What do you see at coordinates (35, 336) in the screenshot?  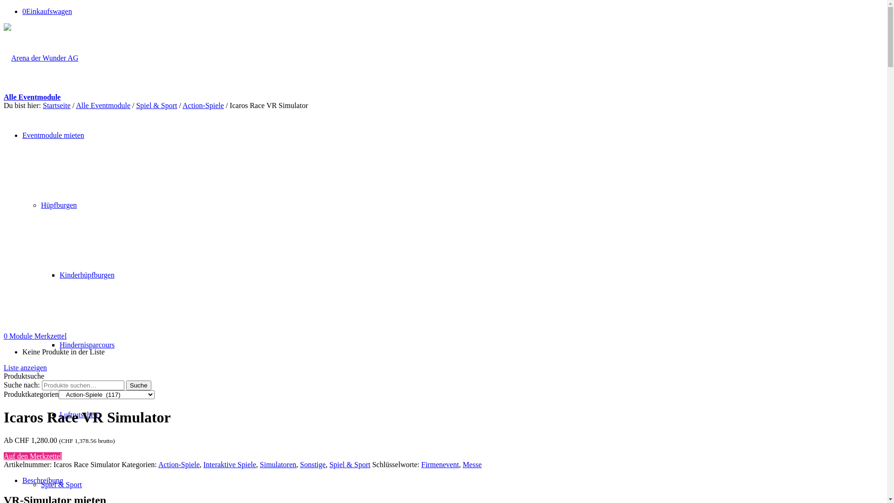 I see `'0 Module Merkzettel'` at bounding box center [35, 336].